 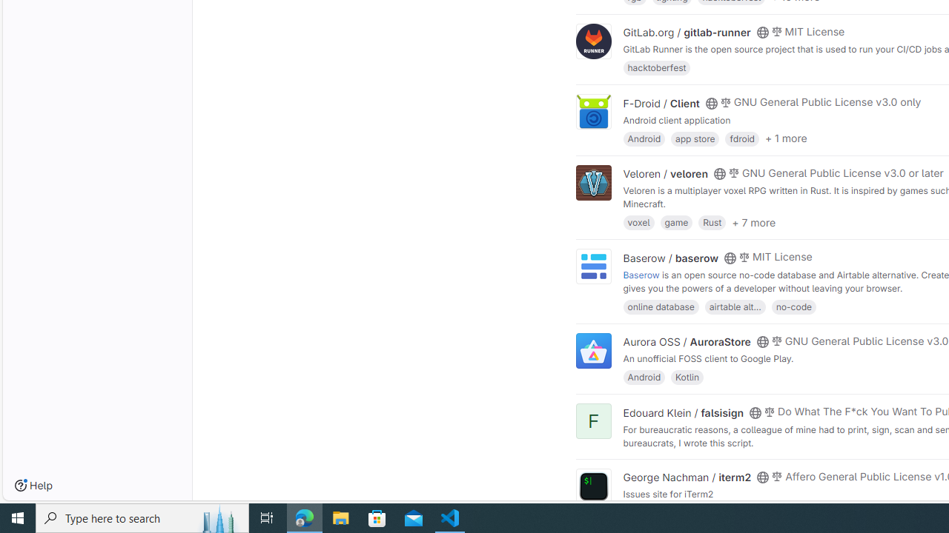 What do you see at coordinates (741, 138) in the screenshot?
I see `'fdroid'` at bounding box center [741, 138].